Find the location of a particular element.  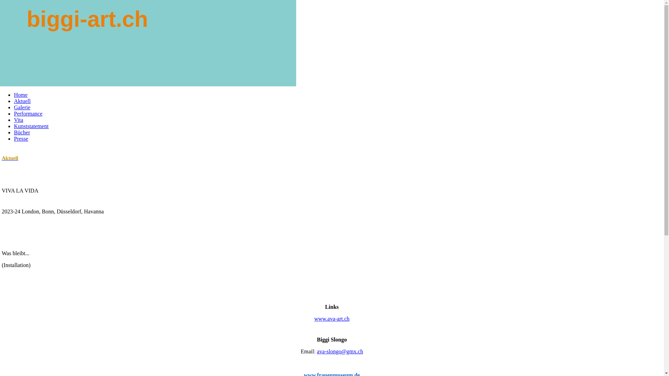

'Performance' is located at coordinates (28, 113).